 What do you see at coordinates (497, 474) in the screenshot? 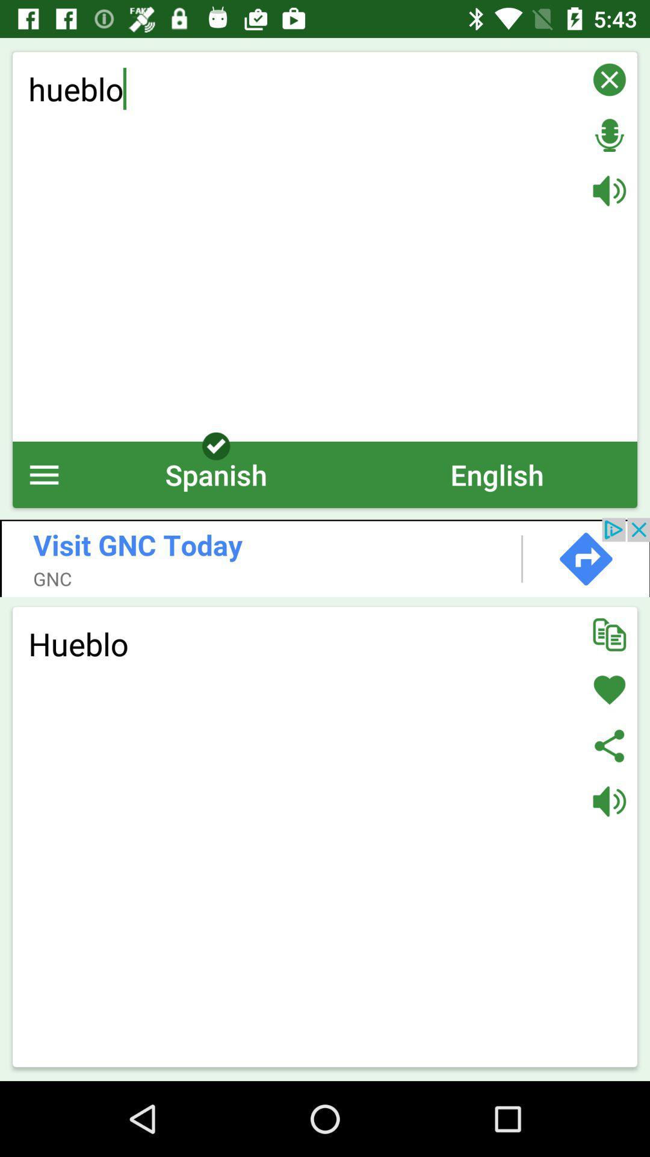
I see `icon below the hueblo item` at bounding box center [497, 474].